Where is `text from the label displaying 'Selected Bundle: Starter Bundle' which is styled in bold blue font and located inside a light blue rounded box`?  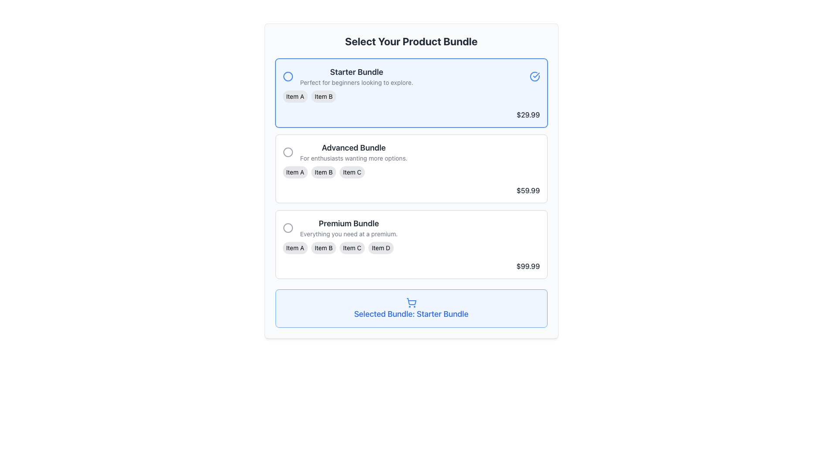 text from the label displaying 'Selected Bundle: Starter Bundle' which is styled in bold blue font and located inside a light blue rounded box is located at coordinates (411, 314).